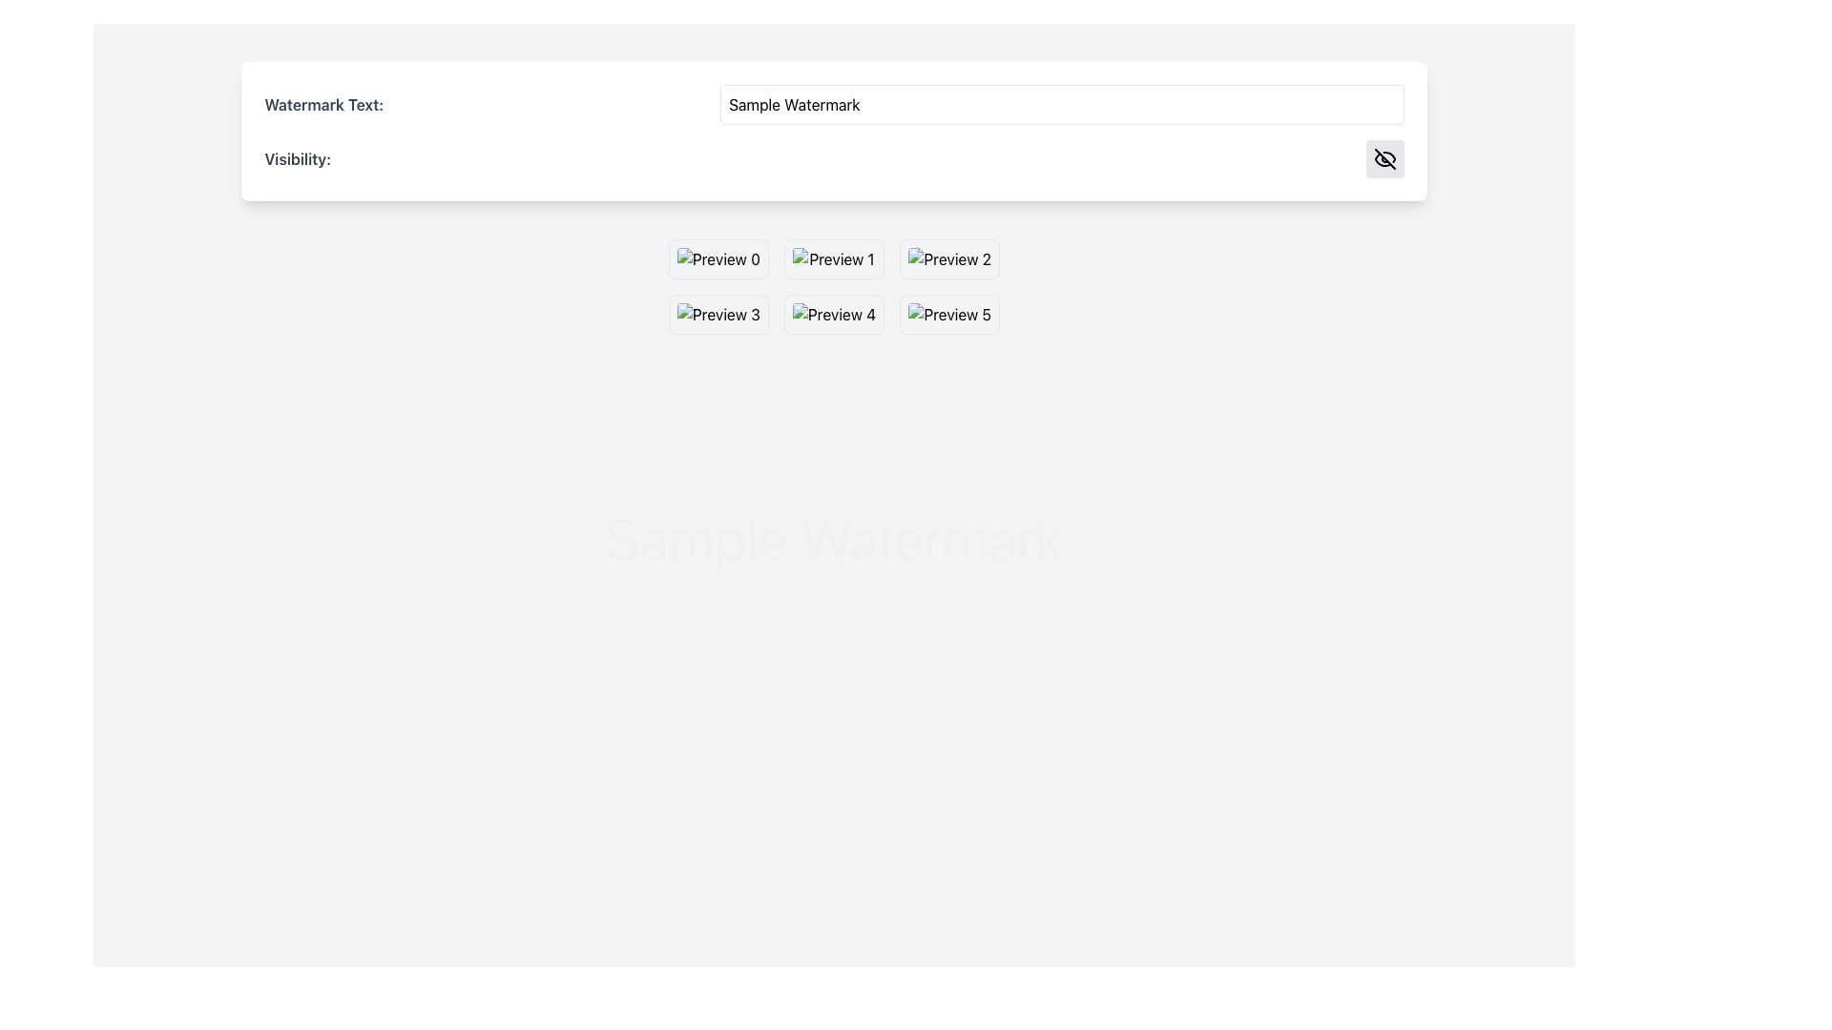  I want to click on the first curved, partially dashed segment of the 'eye-off' icon indicating obscured visibility, located at the top right corner of the interface near the text input labeled 'Visibility', so click(1389, 155).